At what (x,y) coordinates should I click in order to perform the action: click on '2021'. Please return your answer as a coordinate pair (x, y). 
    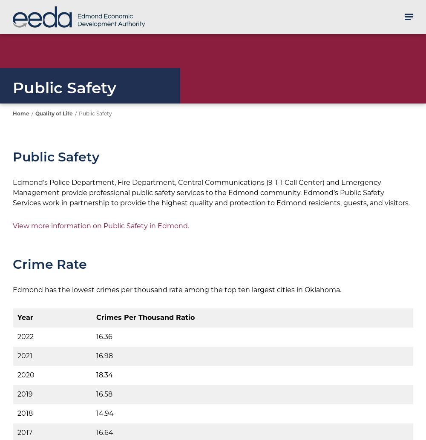
    Looking at the image, I should click on (25, 356).